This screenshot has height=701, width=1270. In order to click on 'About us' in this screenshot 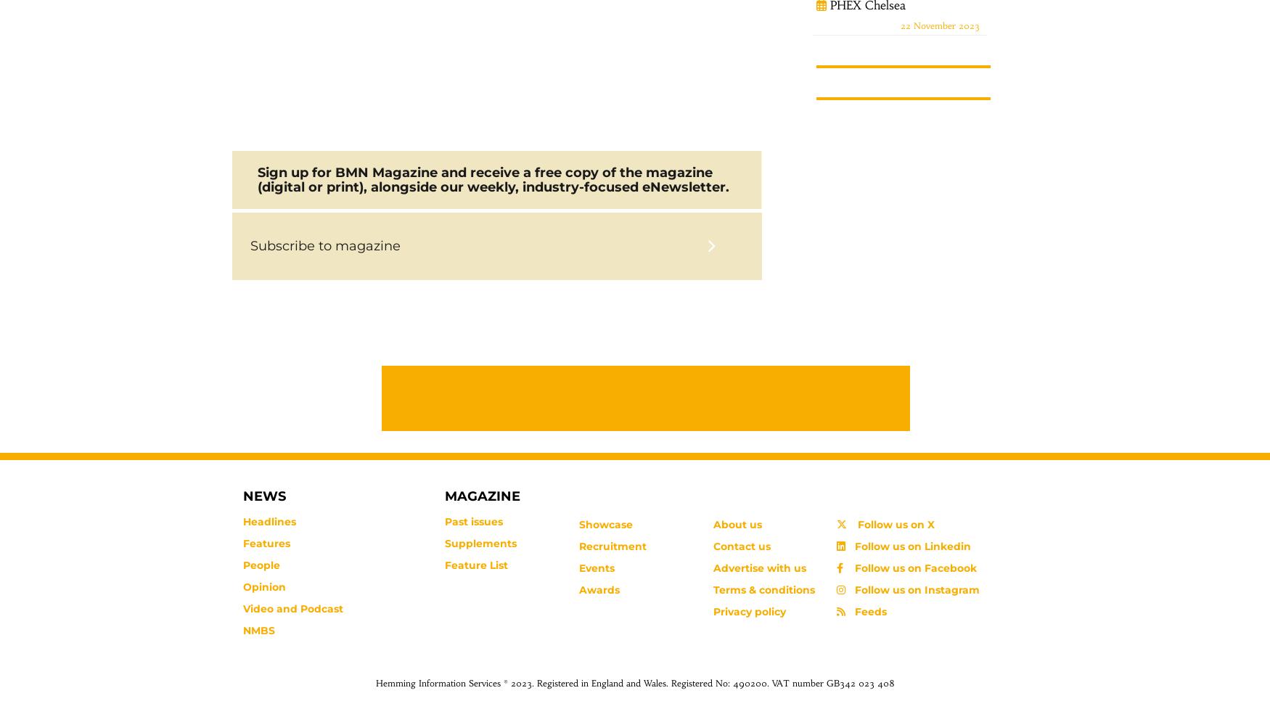, I will do `click(736, 523)`.